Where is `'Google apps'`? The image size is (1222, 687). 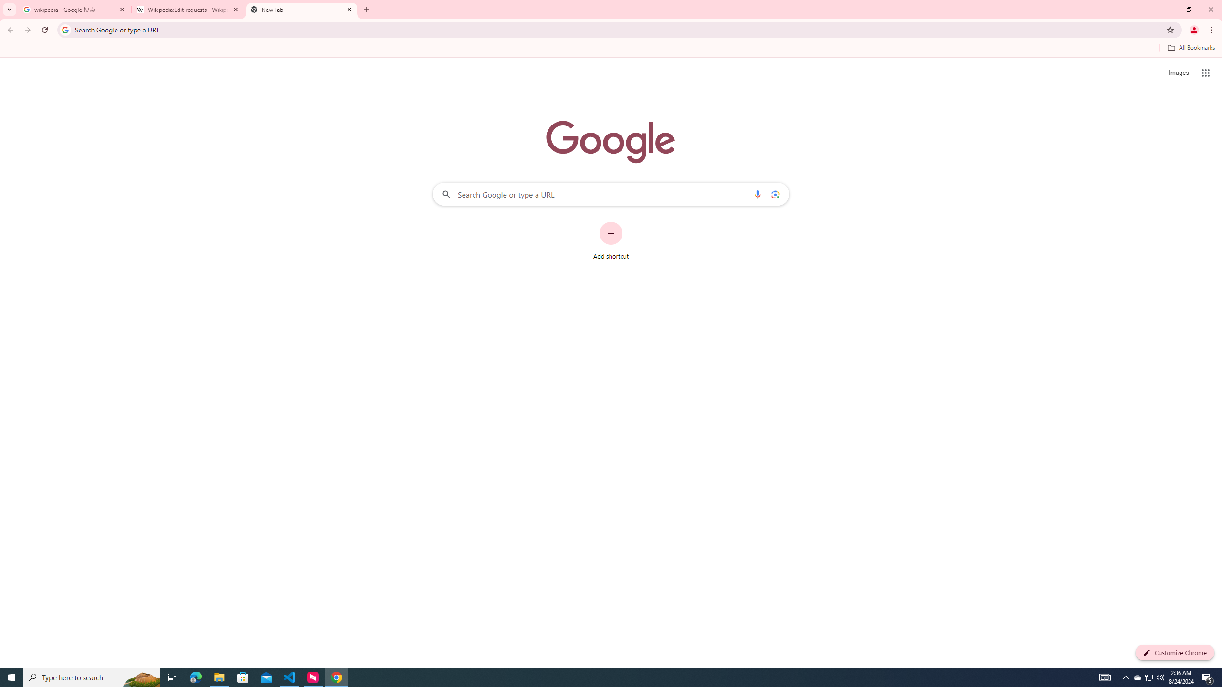 'Google apps' is located at coordinates (1206, 73).